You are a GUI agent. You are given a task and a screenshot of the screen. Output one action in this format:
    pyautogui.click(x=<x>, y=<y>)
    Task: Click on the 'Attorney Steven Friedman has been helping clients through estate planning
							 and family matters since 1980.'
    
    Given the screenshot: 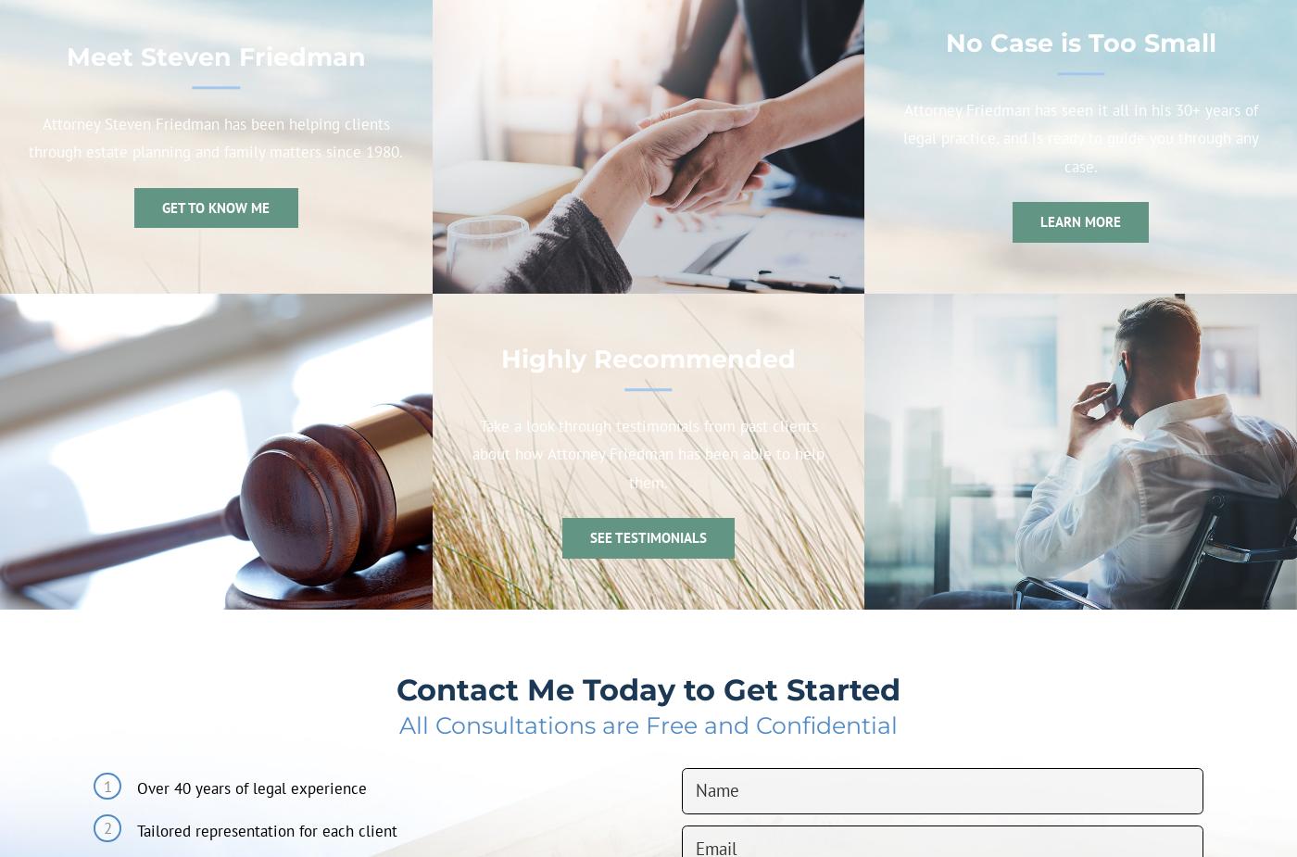 What is the action you would take?
    pyautogui.click(x=28, y=137)
    